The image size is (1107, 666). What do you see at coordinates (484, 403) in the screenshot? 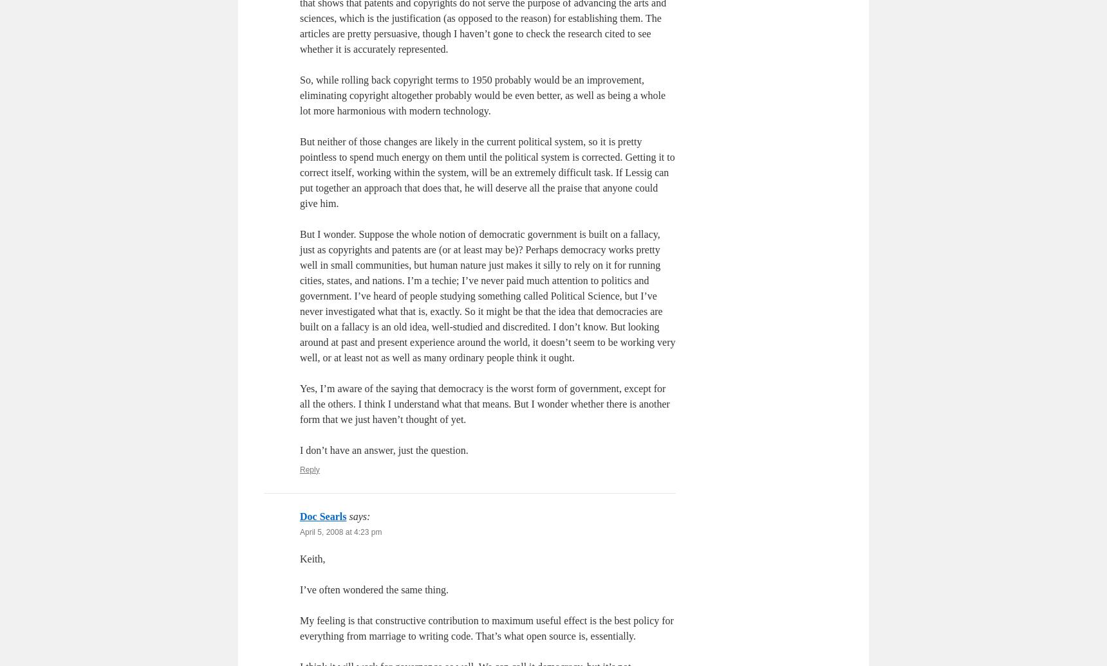
I see `'Yes, I’m aware of the saying that democracy is the worst form of government, except for all the others.  I think I understand what that means.  But I wonder whether there is another form that we just haven’t thought of yet.'` at bounding box center [484, 403].